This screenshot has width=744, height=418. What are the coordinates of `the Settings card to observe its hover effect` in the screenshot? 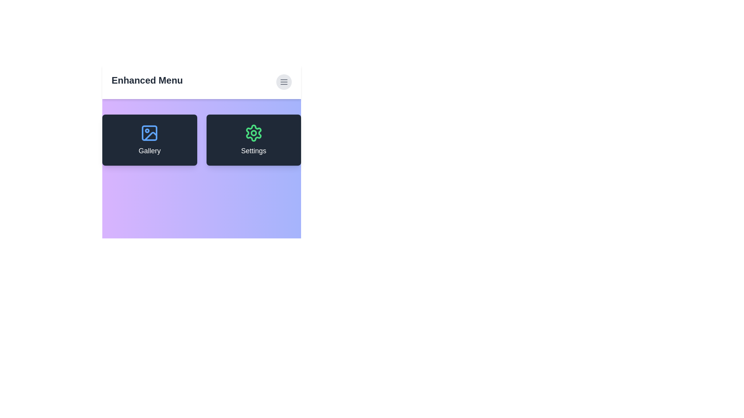 It's located at (253, 140).